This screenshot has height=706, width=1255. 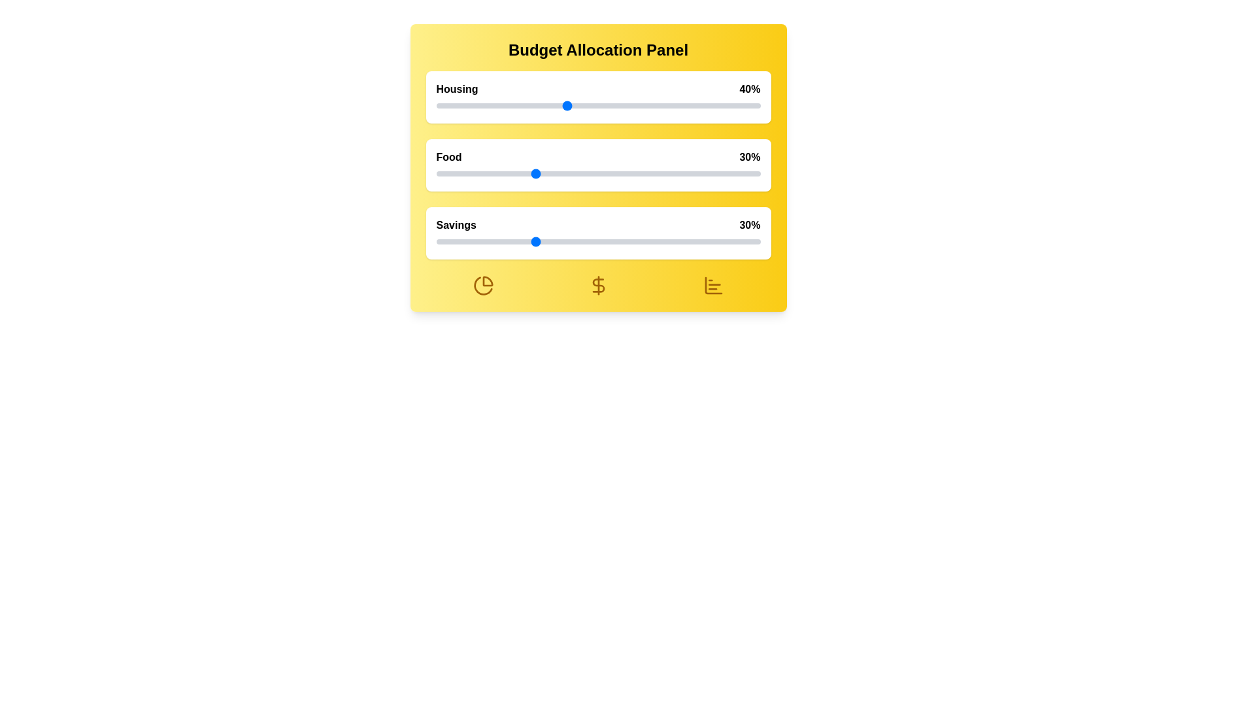 What do you see at coordinates (637, 242) in the screenshot?
I see `the savings percentage` at bounding box center [637, 242].